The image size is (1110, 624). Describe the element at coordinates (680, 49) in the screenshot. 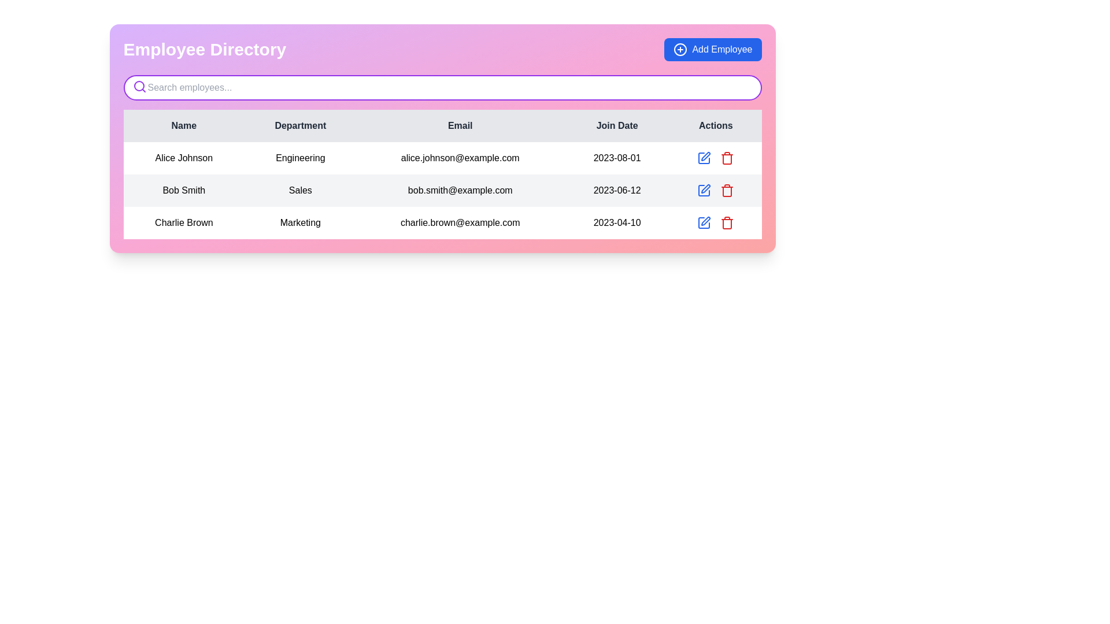

I see `the 'Add Employee' icon located in the button at the top-right corner of the interface` at that location.